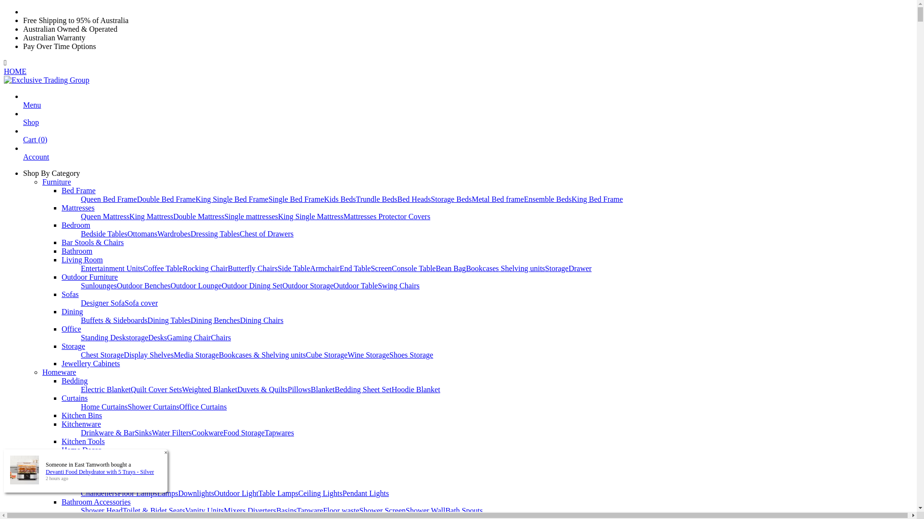  I want to click on 'Ceiling Lights', so click(321, 493).